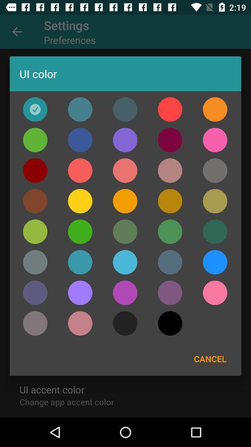  Describe the element at coordinates (125, 262) in the screenshot. I see `round shap` at that location.